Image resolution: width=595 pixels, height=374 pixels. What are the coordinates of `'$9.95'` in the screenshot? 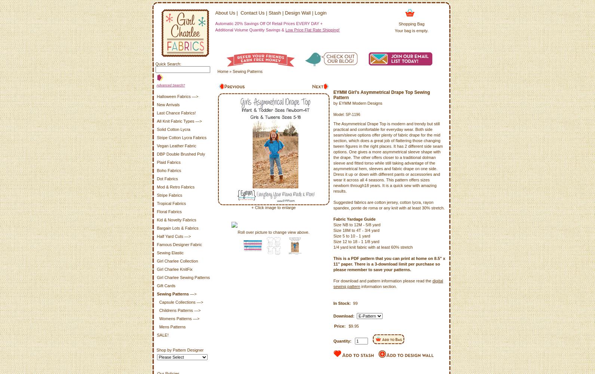 It's located at (353, 326).